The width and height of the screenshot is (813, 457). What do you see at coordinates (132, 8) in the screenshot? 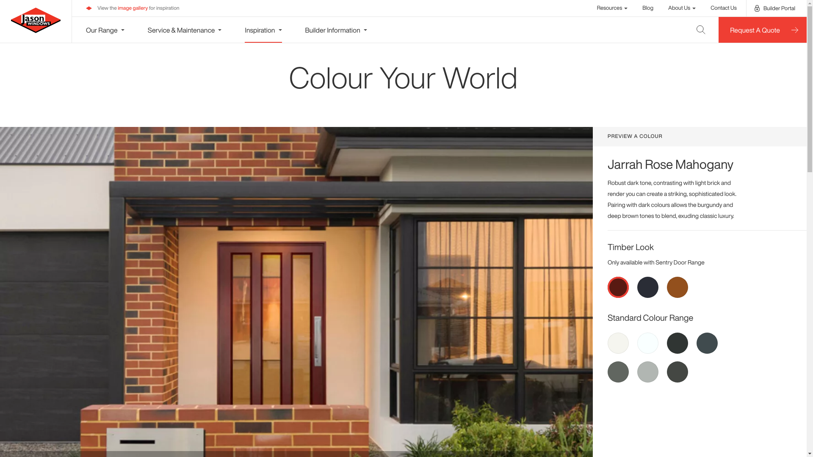
I see `'image gallery'` at bounding box center [132, 8].